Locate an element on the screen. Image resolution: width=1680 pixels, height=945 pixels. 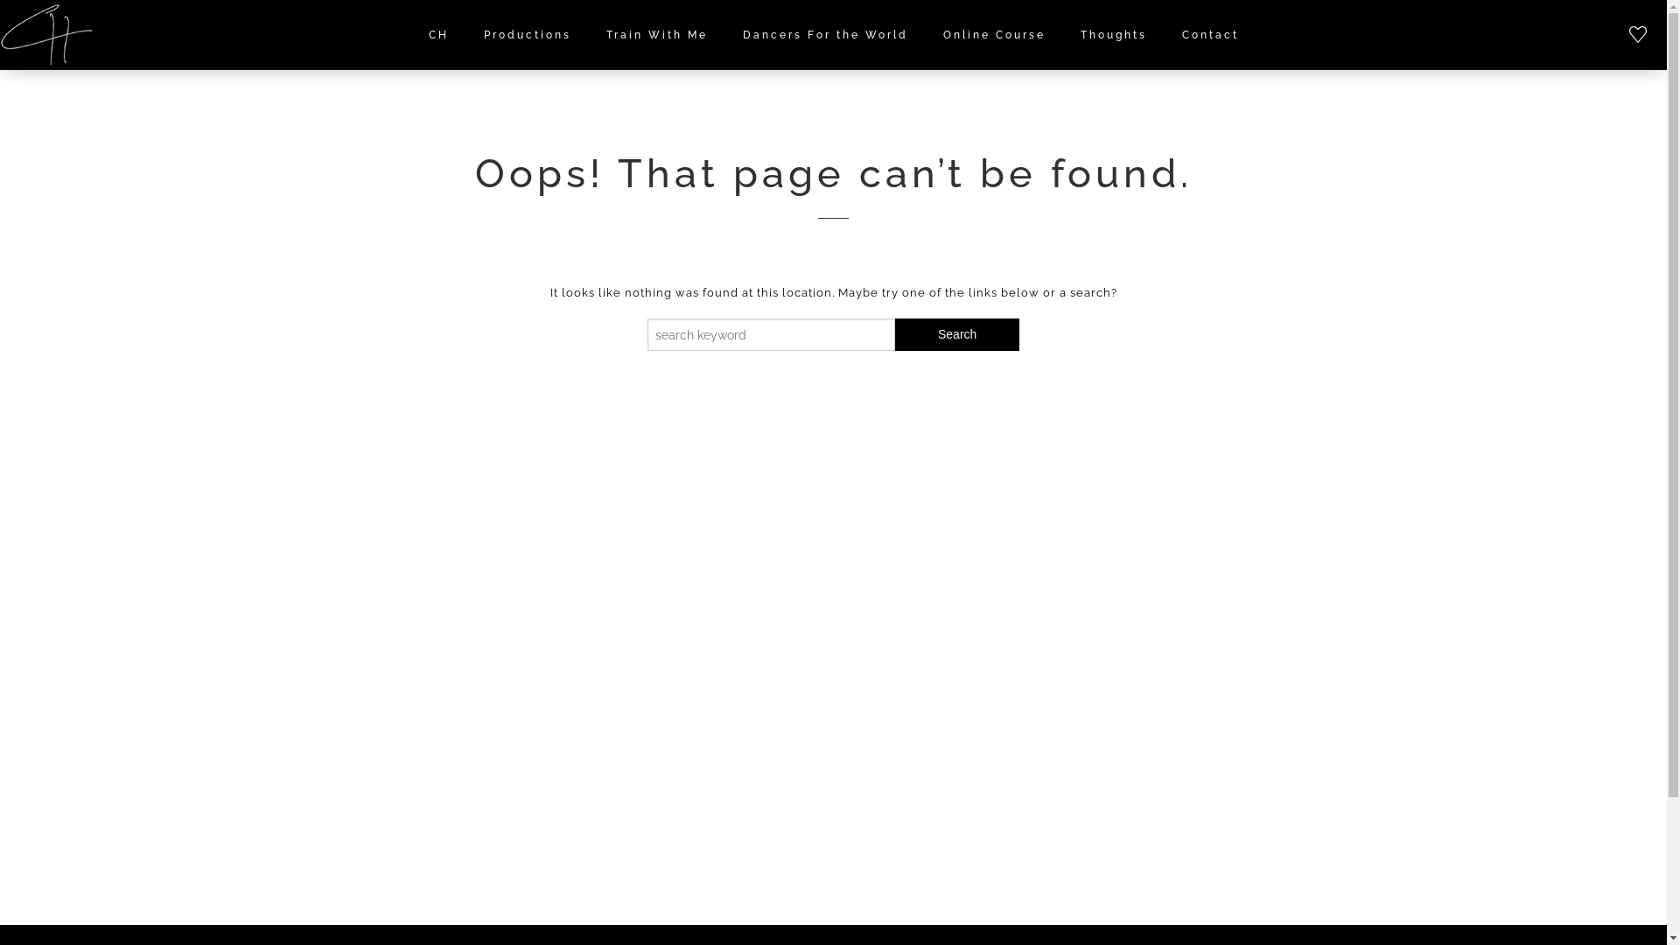
'Search' is located at coordinates (956, 334).